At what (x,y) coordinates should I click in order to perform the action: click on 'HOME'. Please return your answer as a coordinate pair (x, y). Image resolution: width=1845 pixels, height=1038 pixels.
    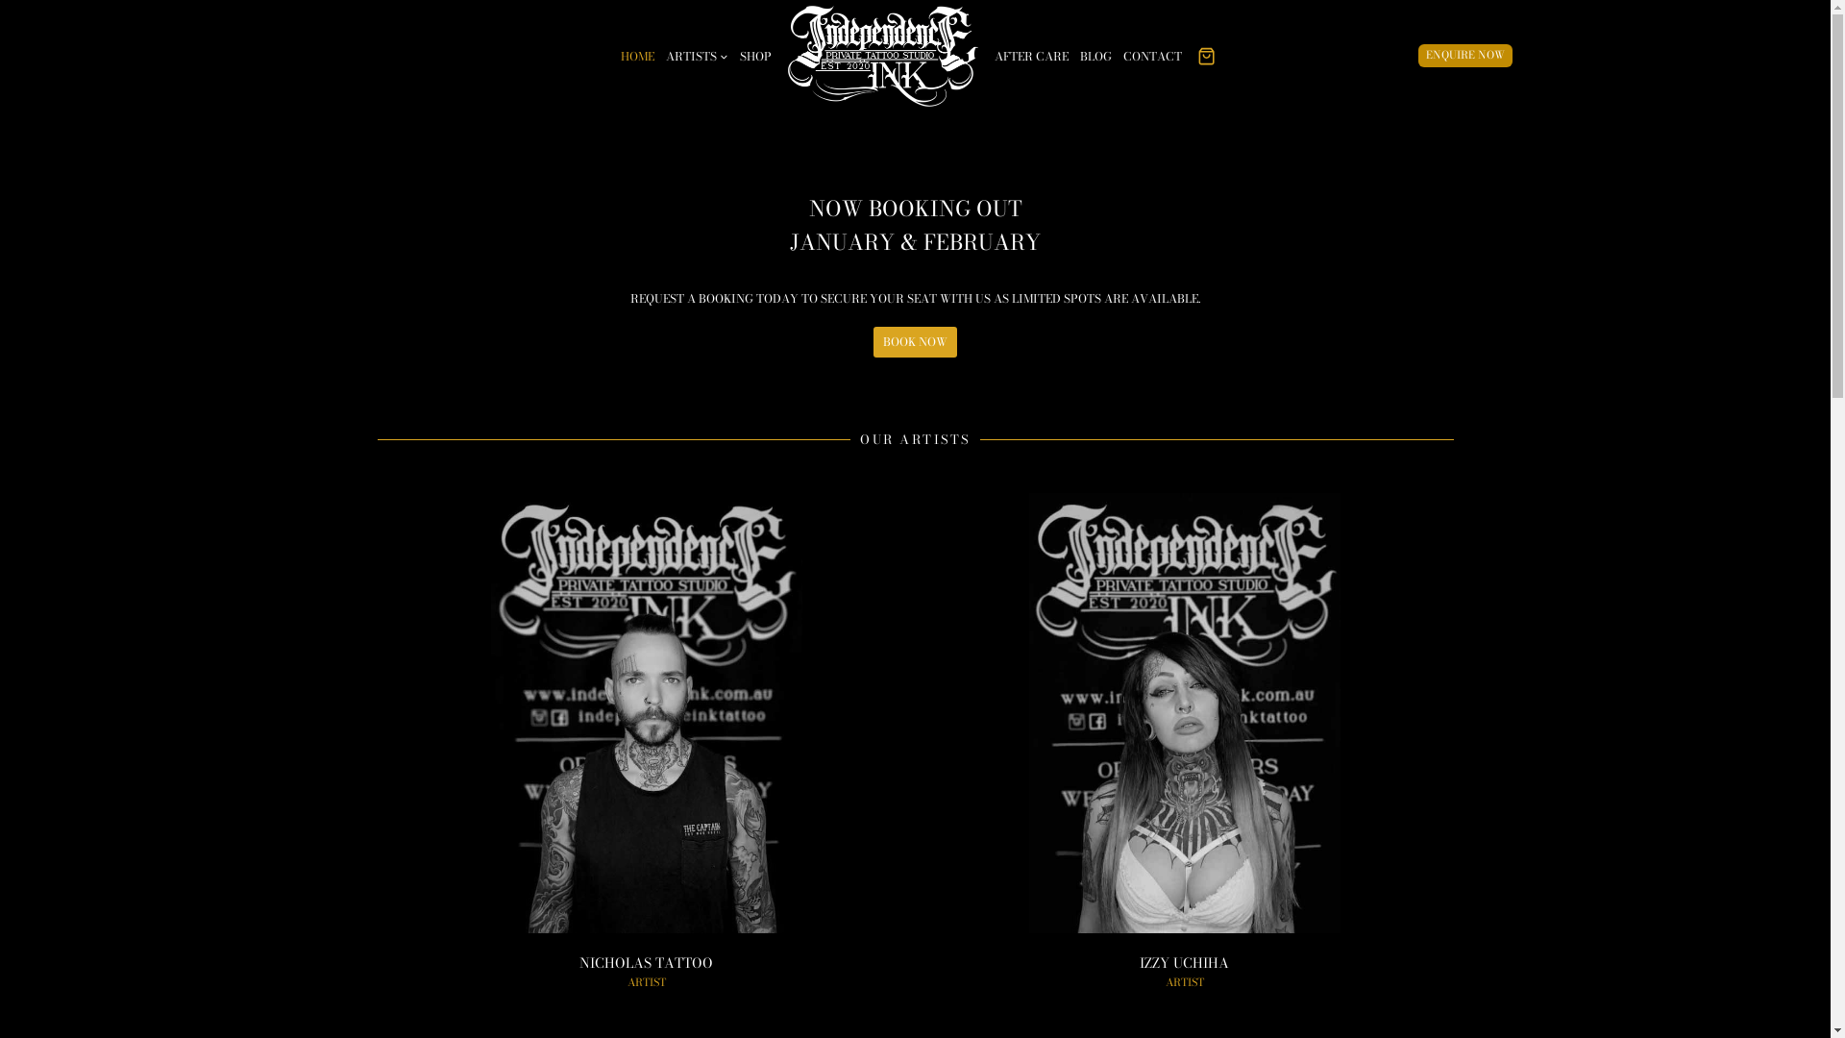
    Looking at the image, I should click on (613, 54).